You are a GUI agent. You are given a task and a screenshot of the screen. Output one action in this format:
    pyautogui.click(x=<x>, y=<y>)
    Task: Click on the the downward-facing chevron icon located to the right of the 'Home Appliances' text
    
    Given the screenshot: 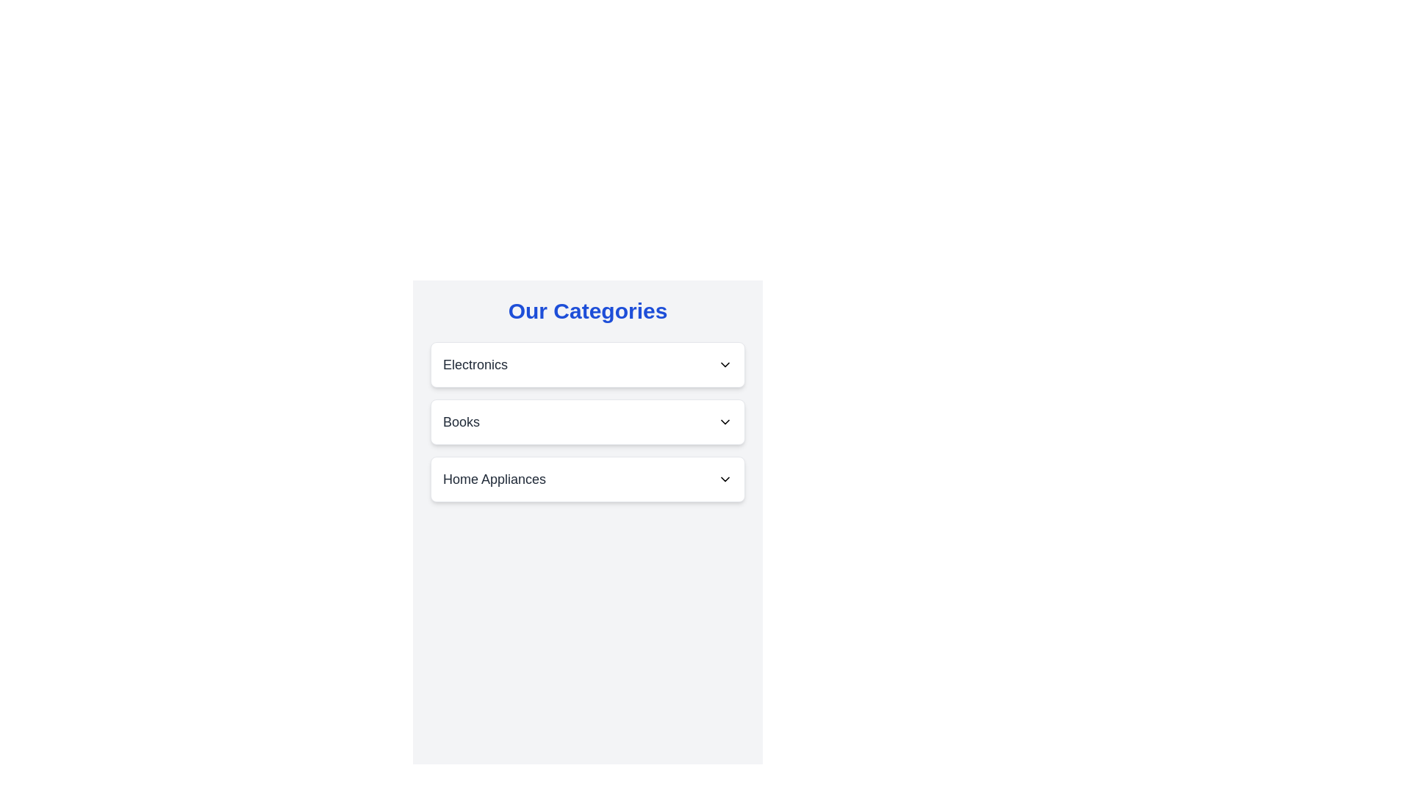 What is the action you would take?
    pyautogui.click(x=725, y=479)
    